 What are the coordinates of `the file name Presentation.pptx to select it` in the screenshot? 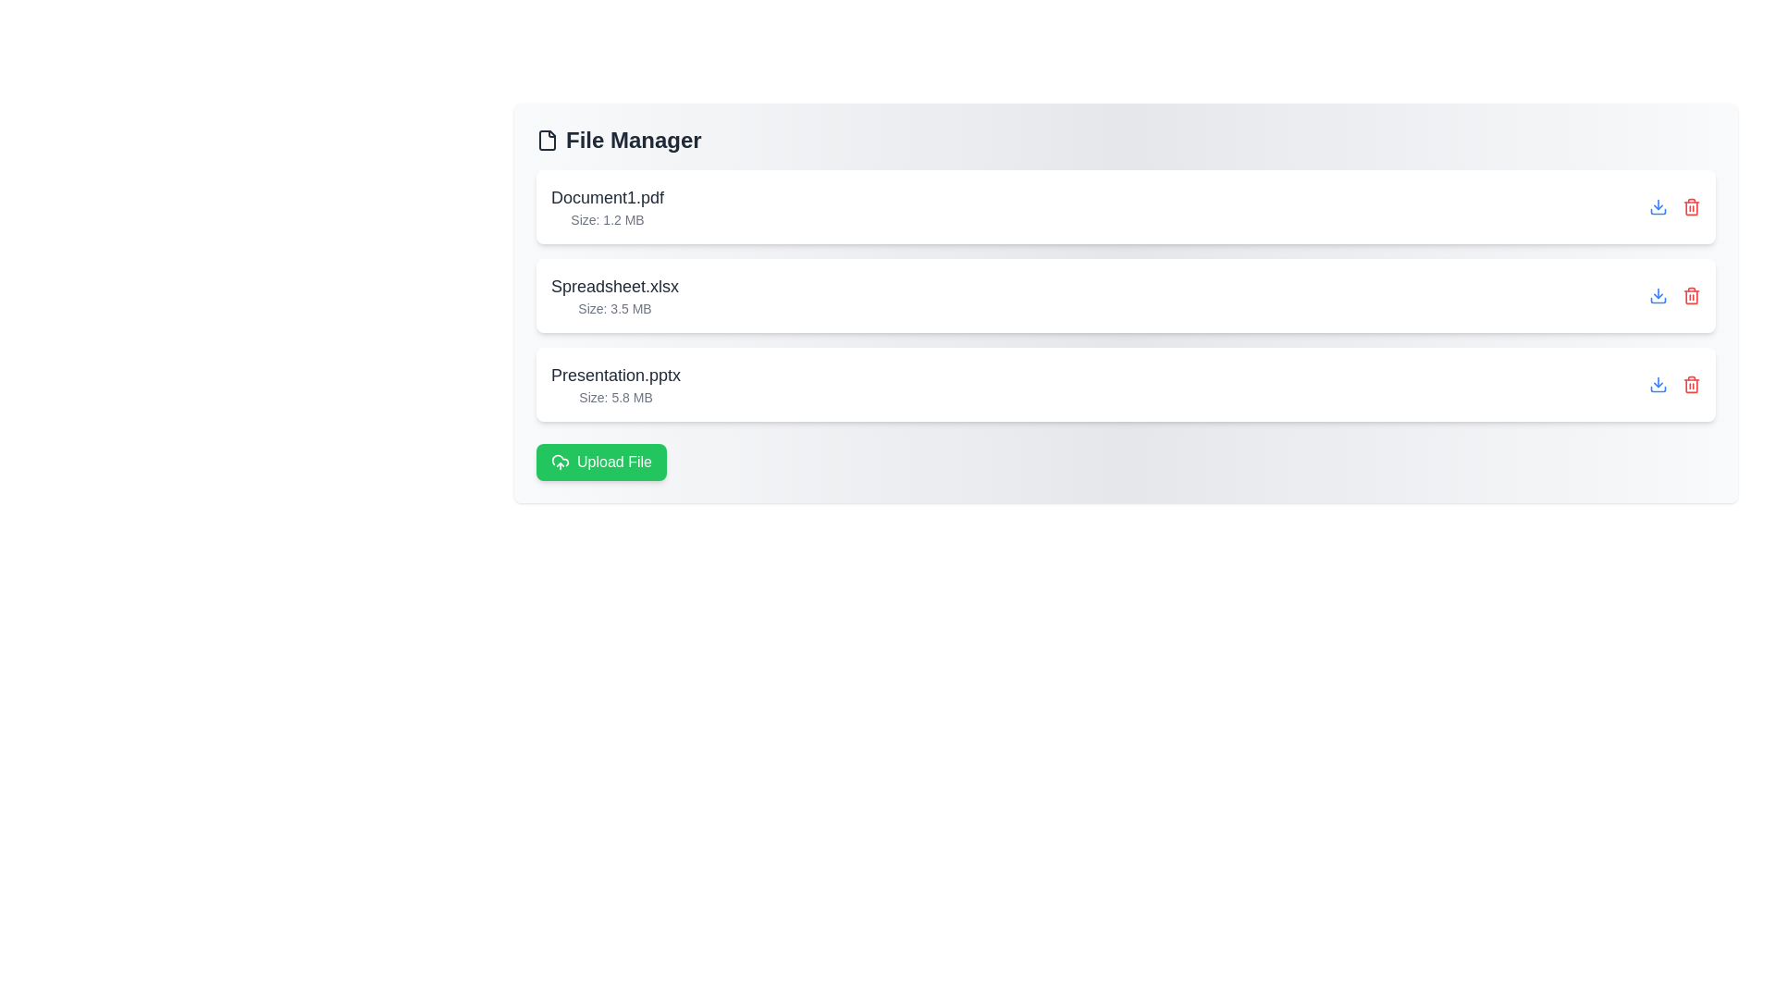 It's located at (616, 375).